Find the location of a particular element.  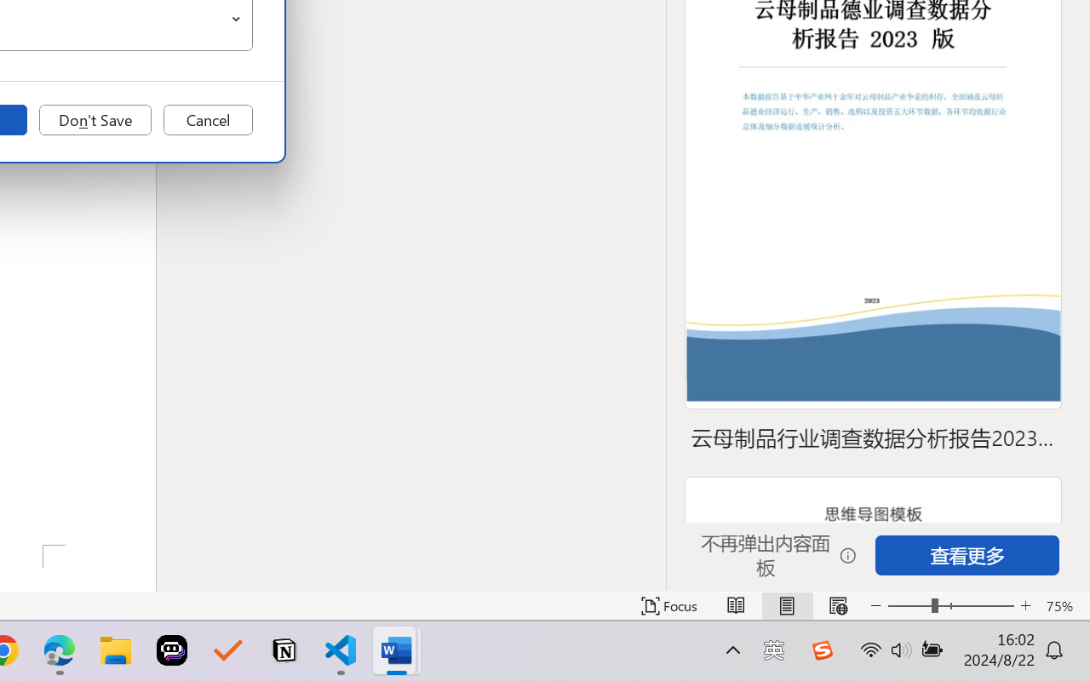

'Web Layout' is located at coordinates (838, 605).